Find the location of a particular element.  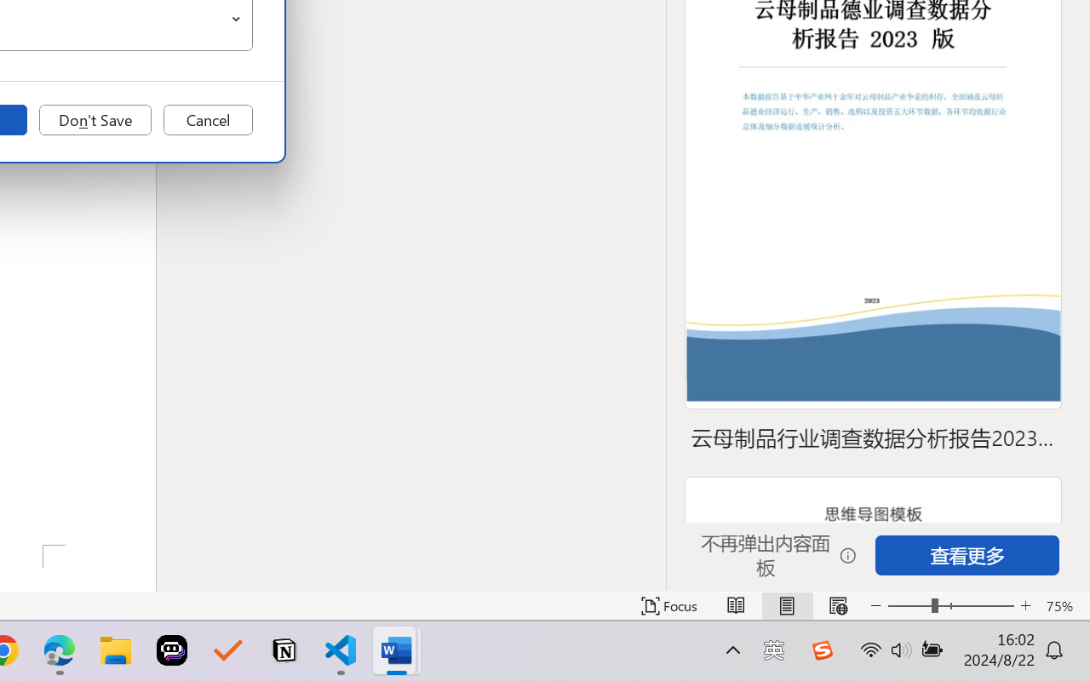

'Web Layout' is located at coordinates (838, 605).